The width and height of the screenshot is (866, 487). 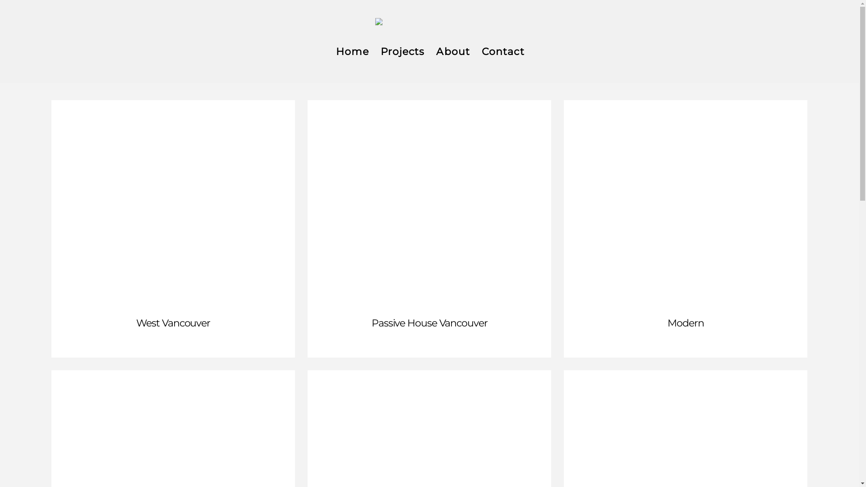 What do you see at coordinates (452, 53) in the screenshot?
I see `'About'` at bounding box center [452, 53].